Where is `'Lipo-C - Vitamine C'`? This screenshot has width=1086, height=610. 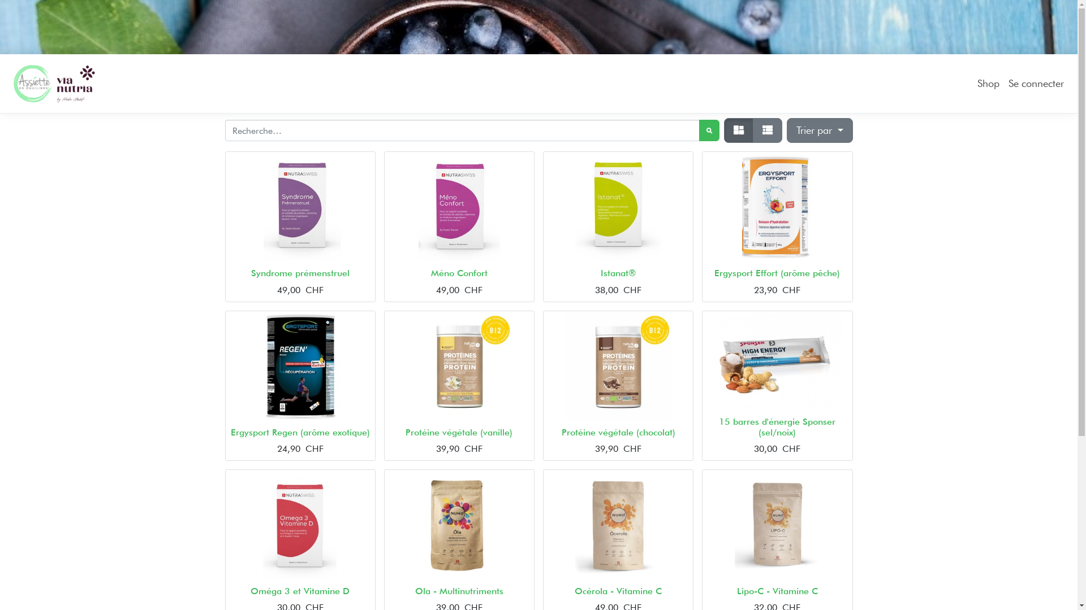 'Lipo-C - Vitamine C' is located at coordinates (777, 590).